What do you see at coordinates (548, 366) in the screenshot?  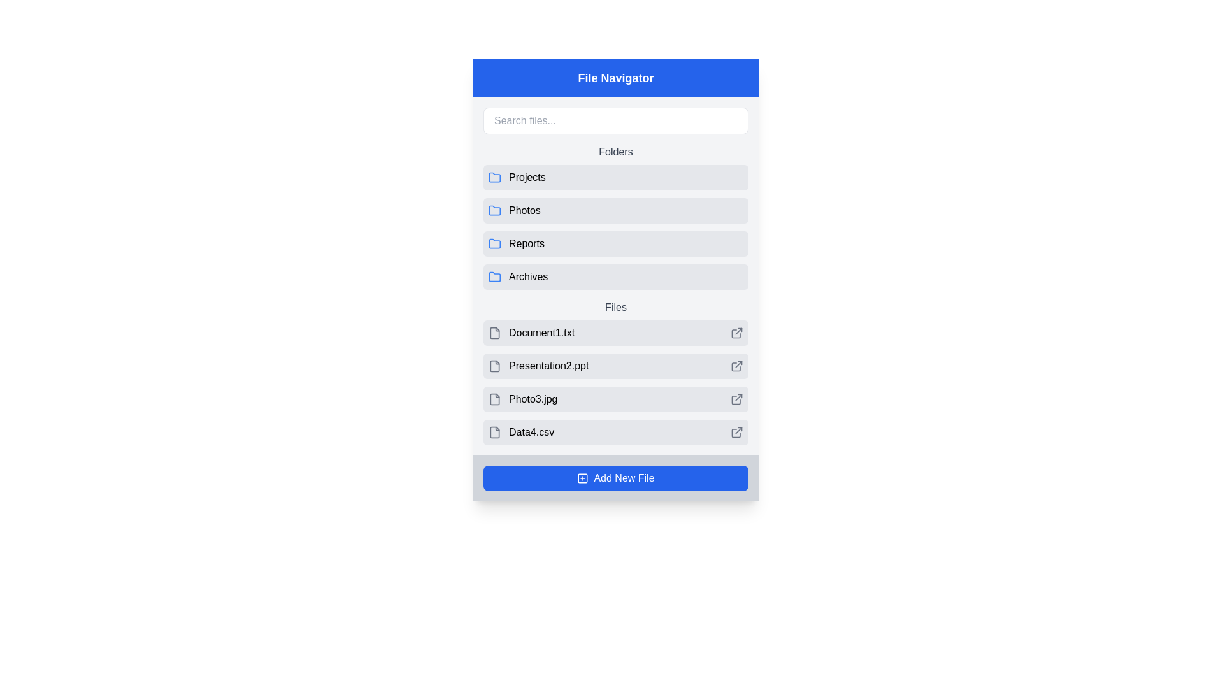 I see `the text label representing the file 'Presentation2.ppt', which is the second item` at bounding box center [548, 366].